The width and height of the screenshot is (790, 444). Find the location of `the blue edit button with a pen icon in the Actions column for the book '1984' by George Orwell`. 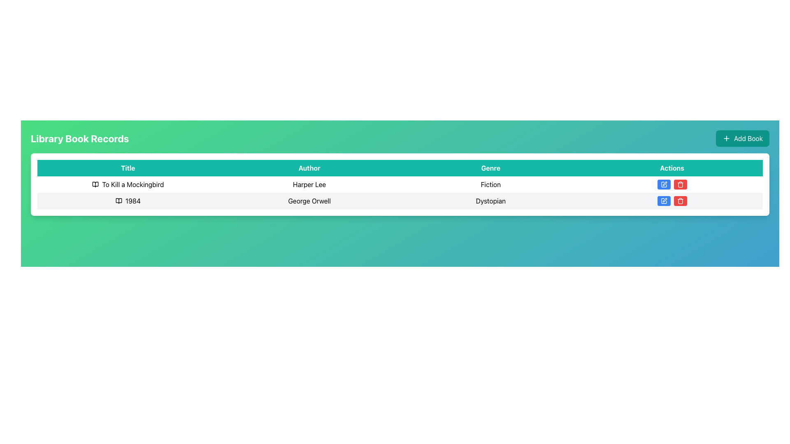

the blue edit button with a pen icon in the Actions column for the book '1984' by George Orwell is located at coordinates (671, 201).